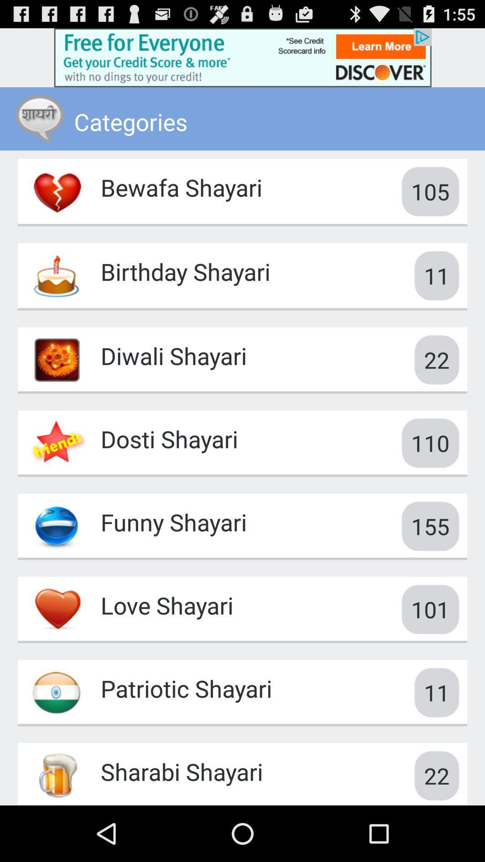 This screenshot has height=862, width=485. Describe the element at coordinates (242, 57) in the screenshot. I see `open discover advertisement website` at that location.